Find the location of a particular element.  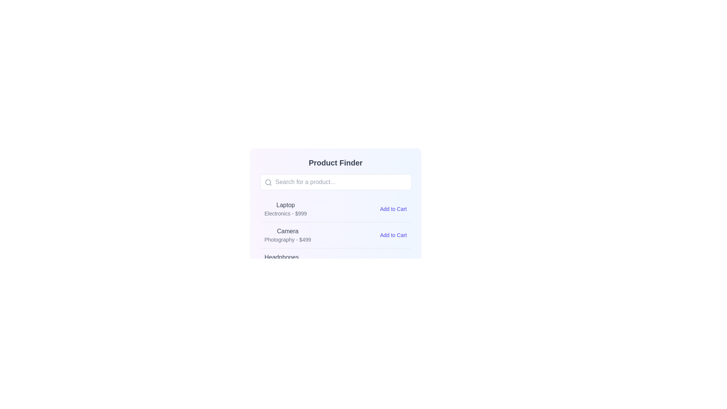

the text display element that says 'Laptop' in grayish color, located in the 'Product Finder' section, which is the first item in the list is located at coordinates (285, 205).